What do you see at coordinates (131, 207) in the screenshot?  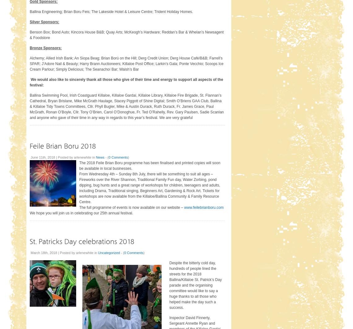 I see `'The full programme of events is now available on our website –'` at bounding box center [131, 207].